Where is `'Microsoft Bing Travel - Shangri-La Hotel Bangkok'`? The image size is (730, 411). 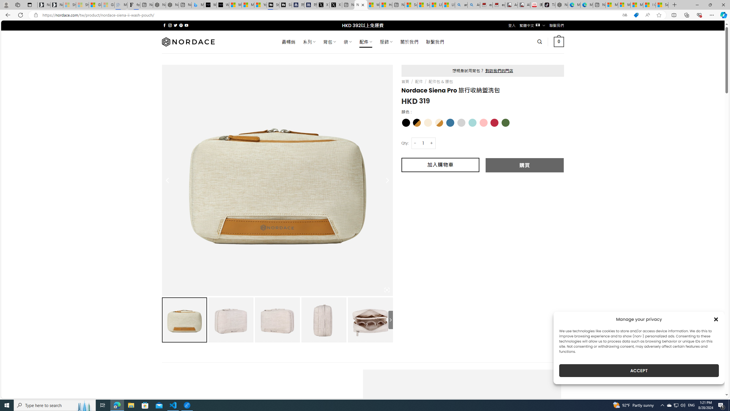 'Microsoft Bing Travel - Shangri-La Hotel Bangkok' is located at coordinates (197, 5).